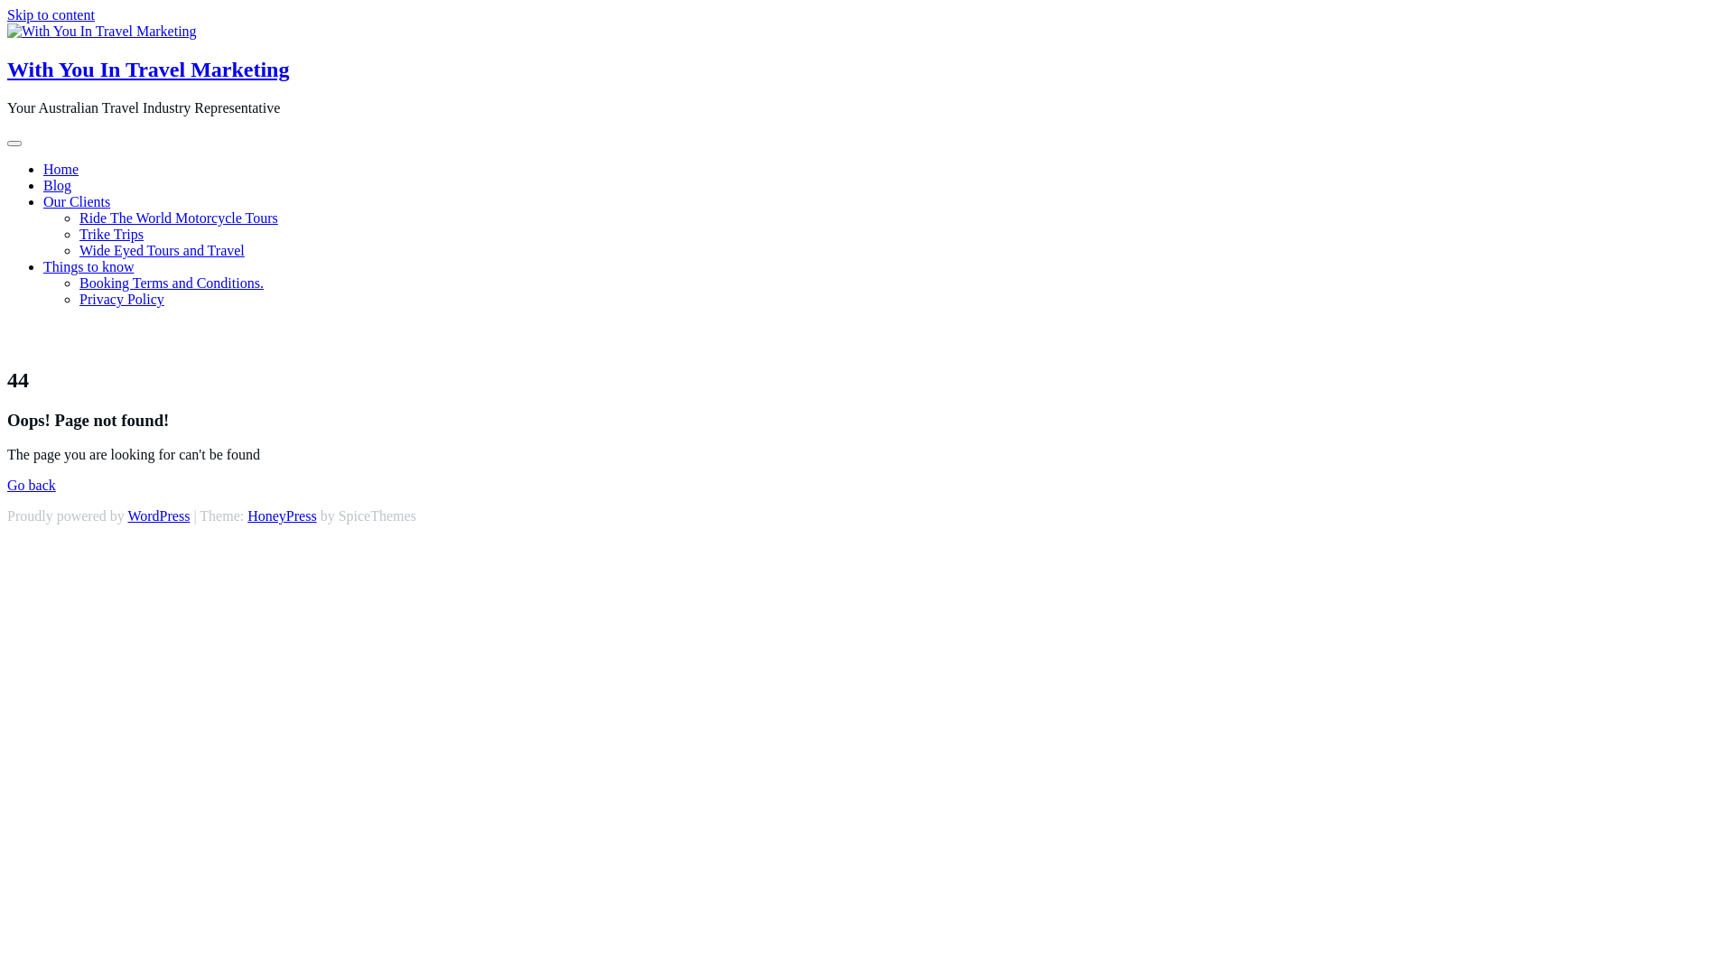 The height and width of the screenshot is (975, 1734). I want to click on 'Blog', so click(57, 185).